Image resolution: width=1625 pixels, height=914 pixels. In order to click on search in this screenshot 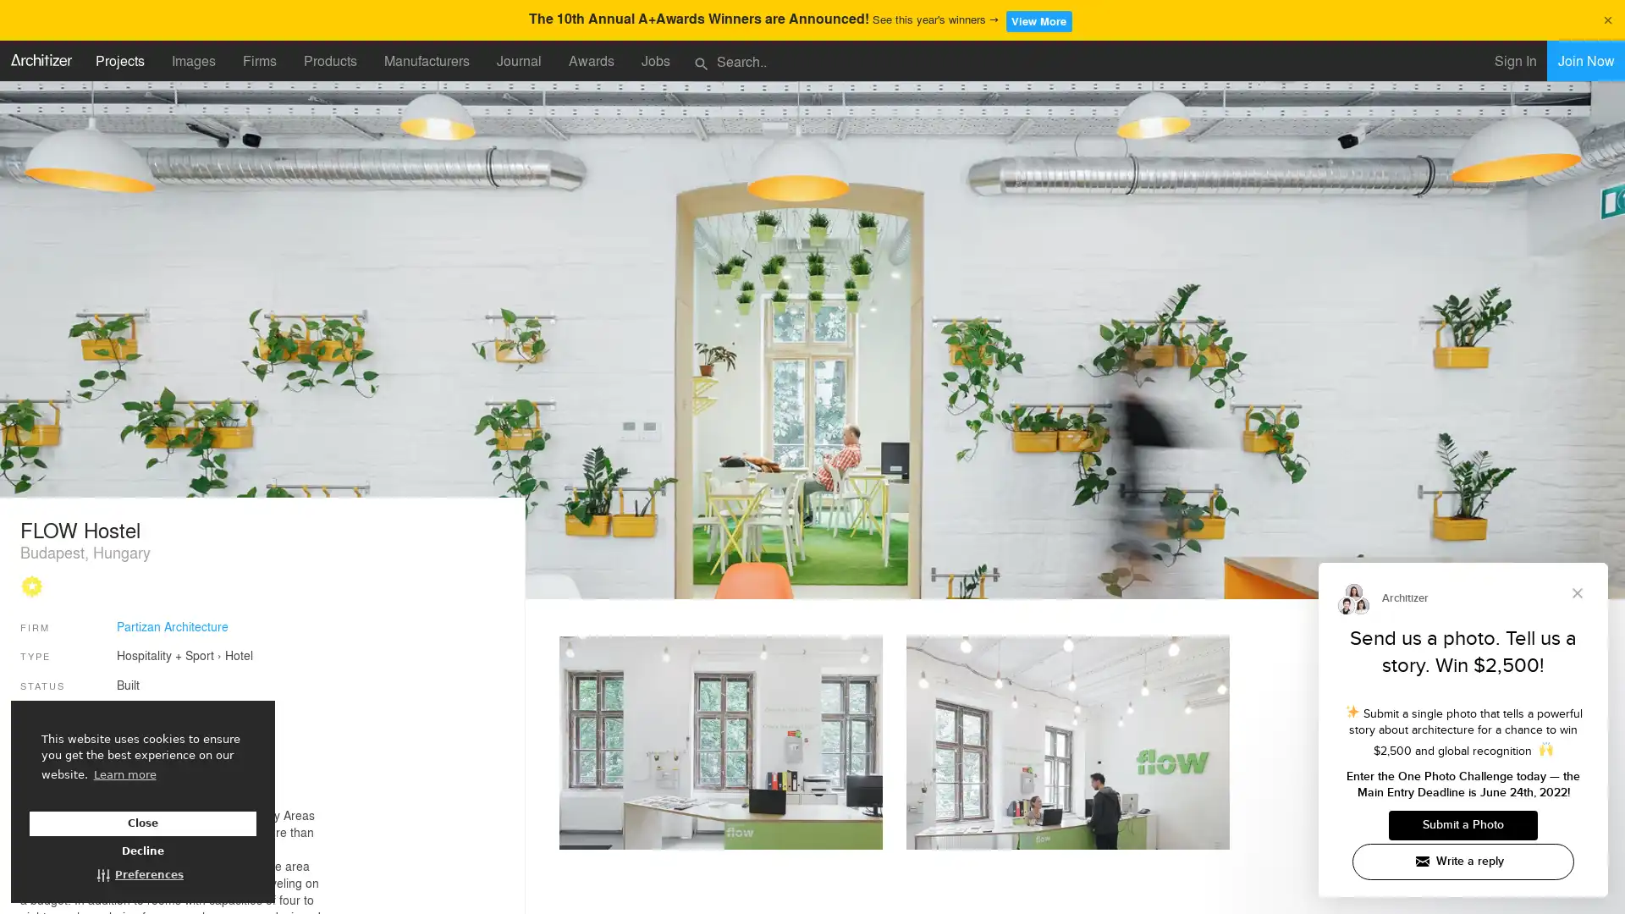, I will do `click(702, 61)`.